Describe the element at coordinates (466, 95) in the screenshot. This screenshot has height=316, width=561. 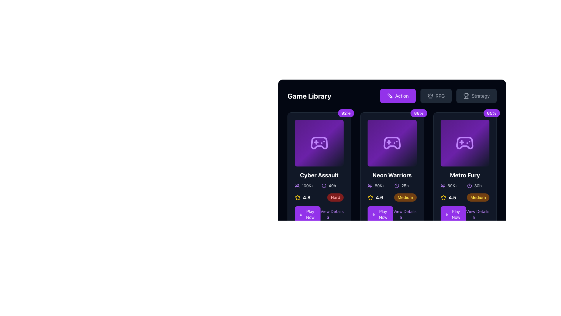
I see `the trophy icon located in the navigation bar, which is styled in a dark theme and positioned between the 'RPG' button and the 'Strategy' button` at that location.